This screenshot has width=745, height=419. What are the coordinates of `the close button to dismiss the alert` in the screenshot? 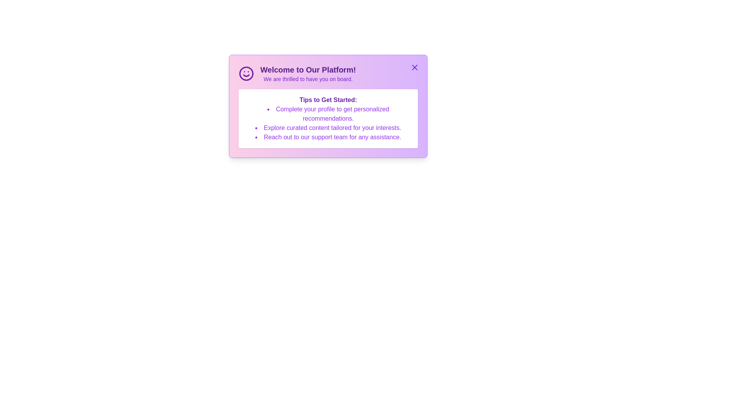 It's located at (414, 67).